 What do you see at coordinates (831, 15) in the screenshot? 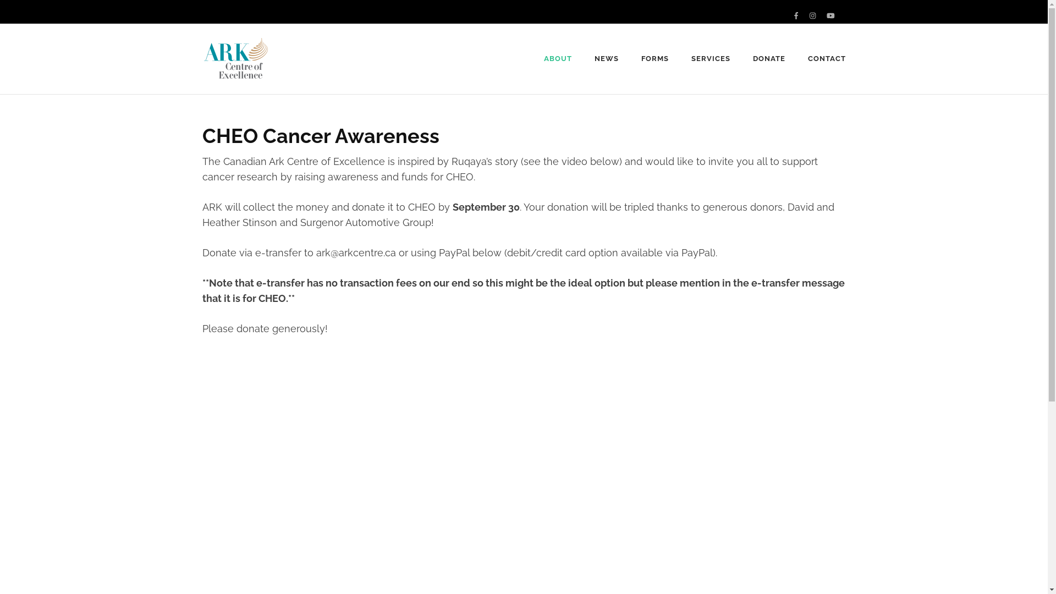
I see `'YouTube'` at bounding box center [831, 15].